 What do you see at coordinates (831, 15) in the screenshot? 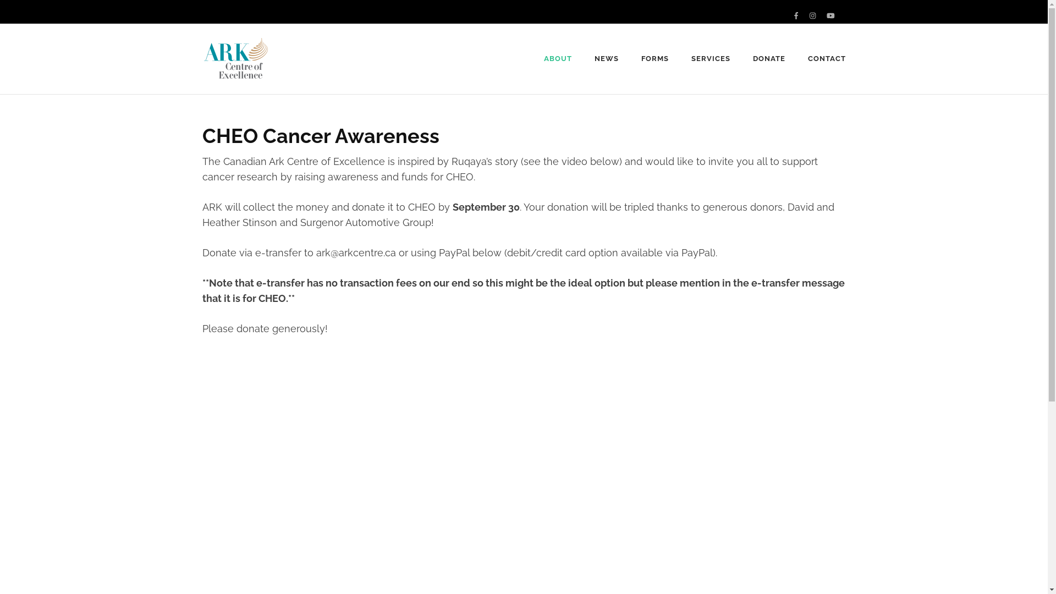
I see `'YouTube'` at bounding box center [831, 15].